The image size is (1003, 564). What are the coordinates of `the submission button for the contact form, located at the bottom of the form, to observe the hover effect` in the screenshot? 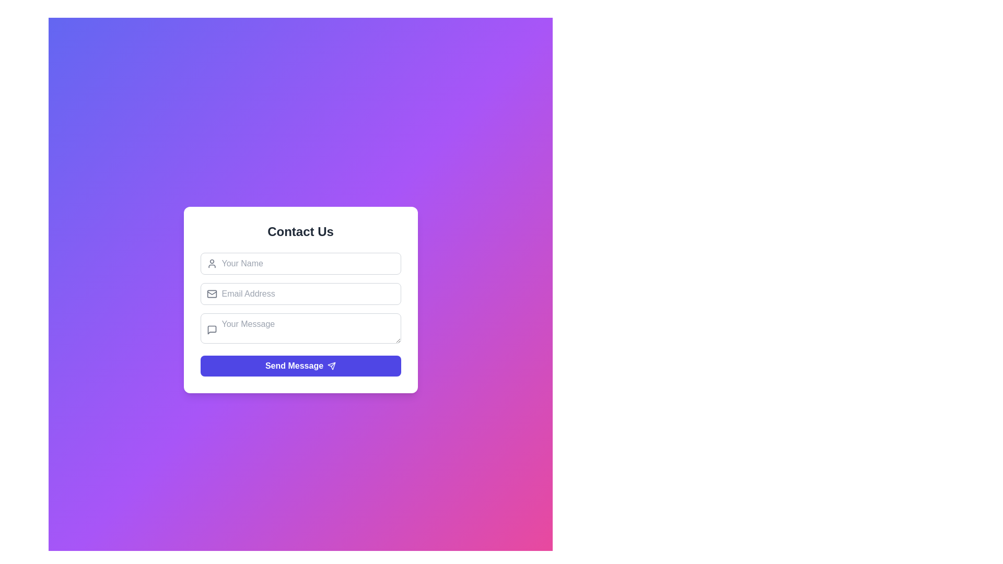 It's located at (300, 365).